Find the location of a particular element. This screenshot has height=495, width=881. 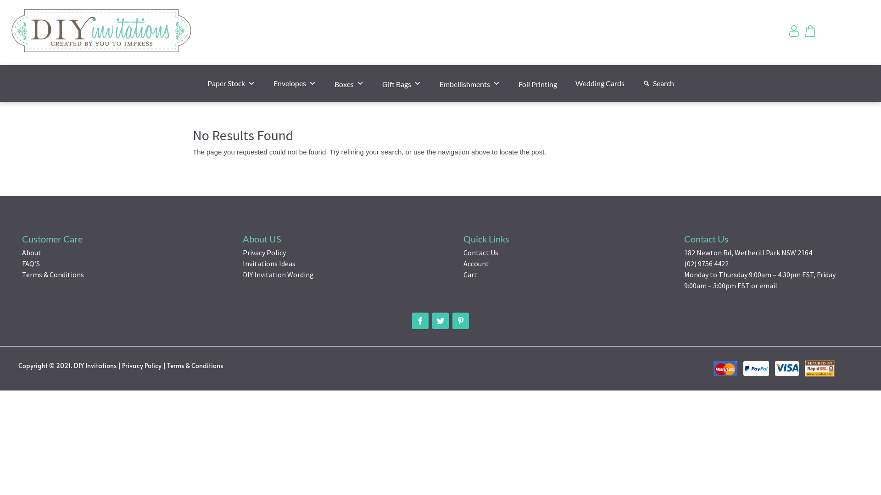

'Envelopes' is located at coordinates (295, 83).